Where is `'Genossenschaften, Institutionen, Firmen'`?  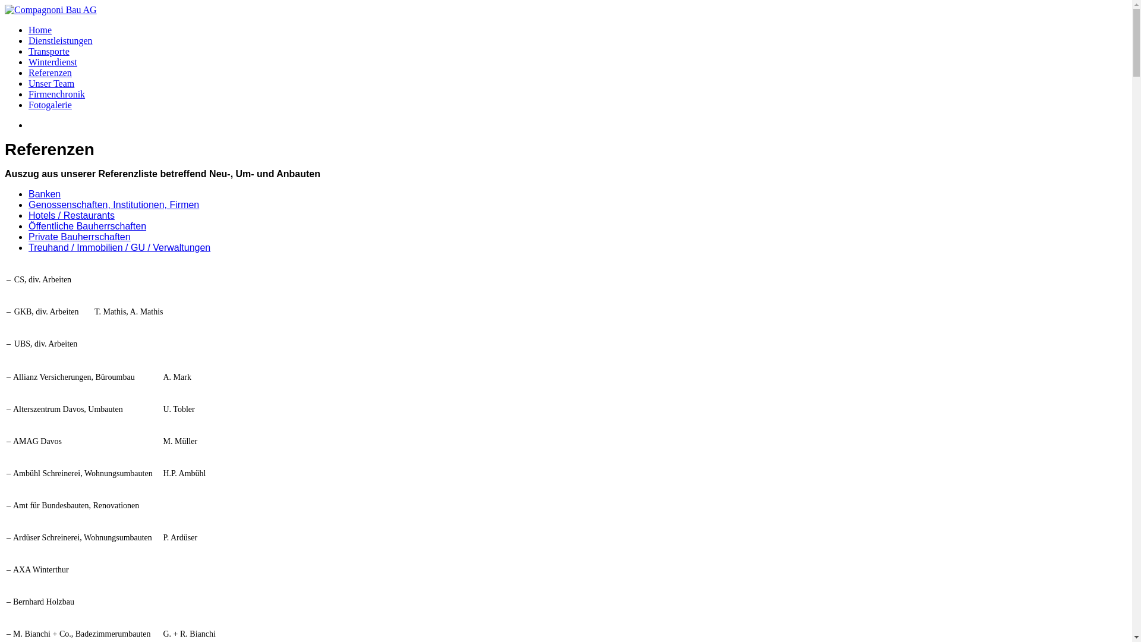 'Genossenschaften, Institutionen, Firmen' is located at coordinates (114, 204).